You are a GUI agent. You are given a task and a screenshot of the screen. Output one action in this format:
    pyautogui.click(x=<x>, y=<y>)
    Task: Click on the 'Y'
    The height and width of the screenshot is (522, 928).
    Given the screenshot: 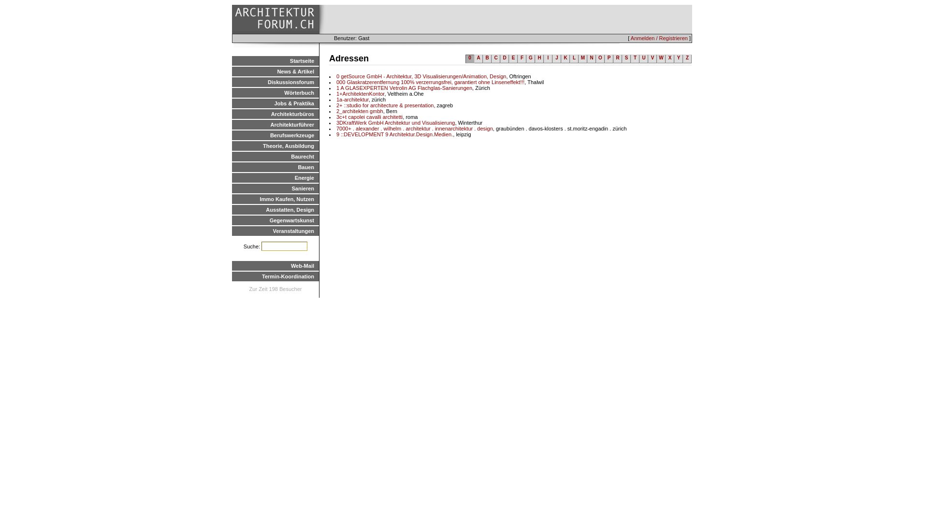 What is the action you would take?
    pyautogui.click(x=678, y=59)
    